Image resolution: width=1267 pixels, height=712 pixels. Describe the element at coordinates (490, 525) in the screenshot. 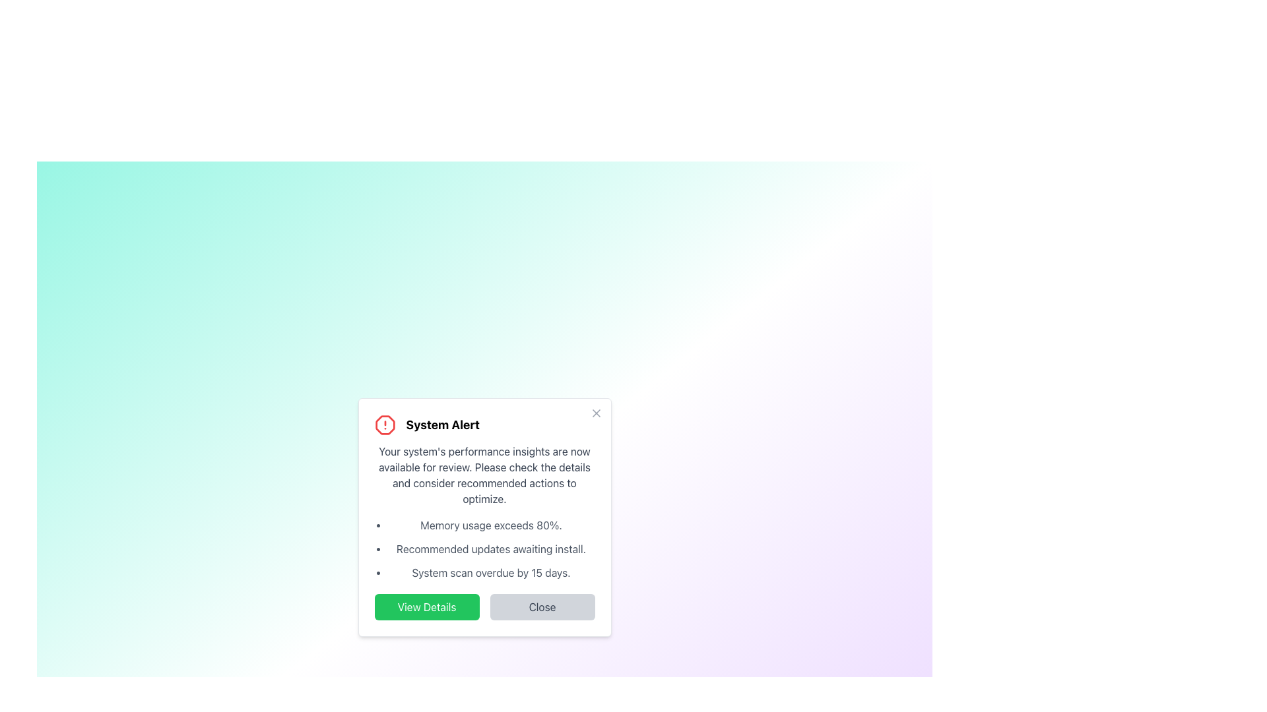

I see `the alert notification text indicating that memory usage has exceeded 80%` at that location.